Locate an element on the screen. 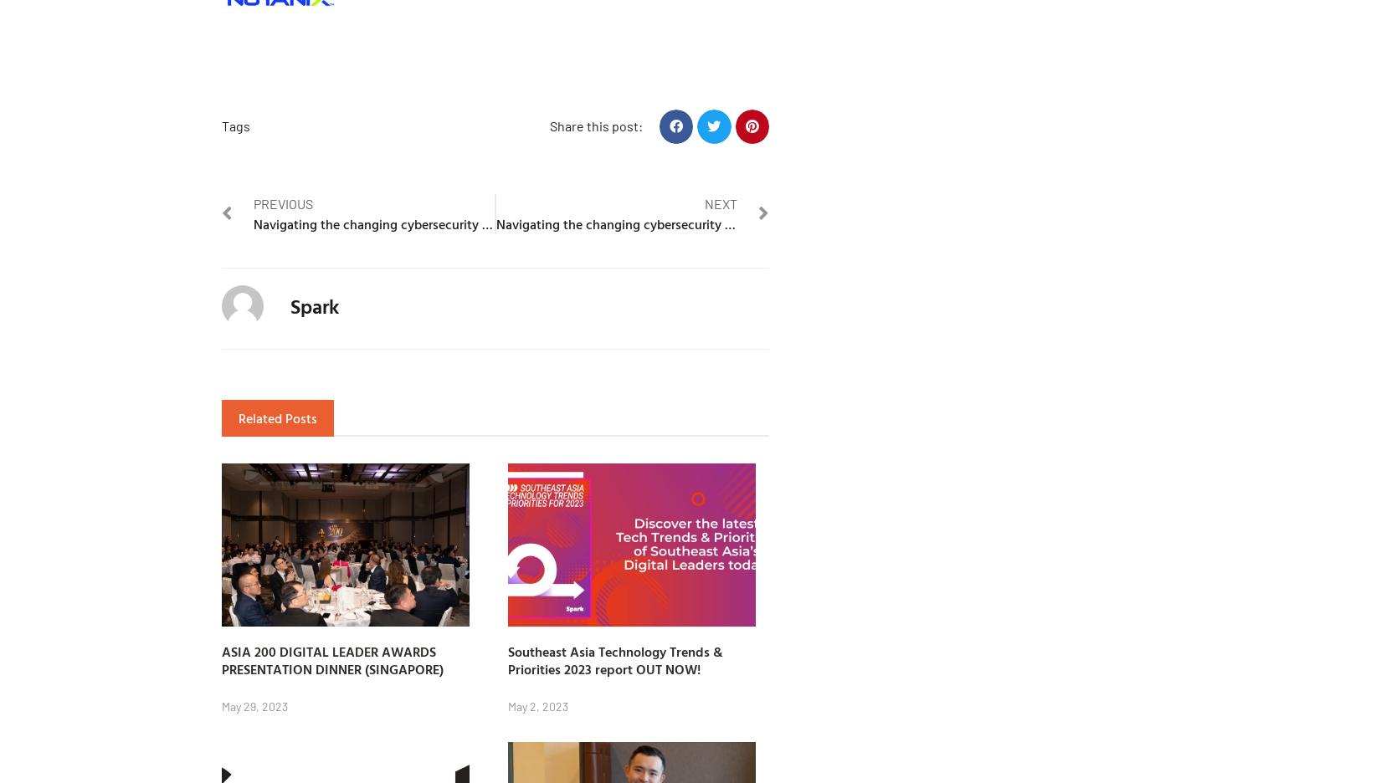 This screenshot has width=1381, height=783. 'May 29, 2023' is located at coordinates (254, 705).